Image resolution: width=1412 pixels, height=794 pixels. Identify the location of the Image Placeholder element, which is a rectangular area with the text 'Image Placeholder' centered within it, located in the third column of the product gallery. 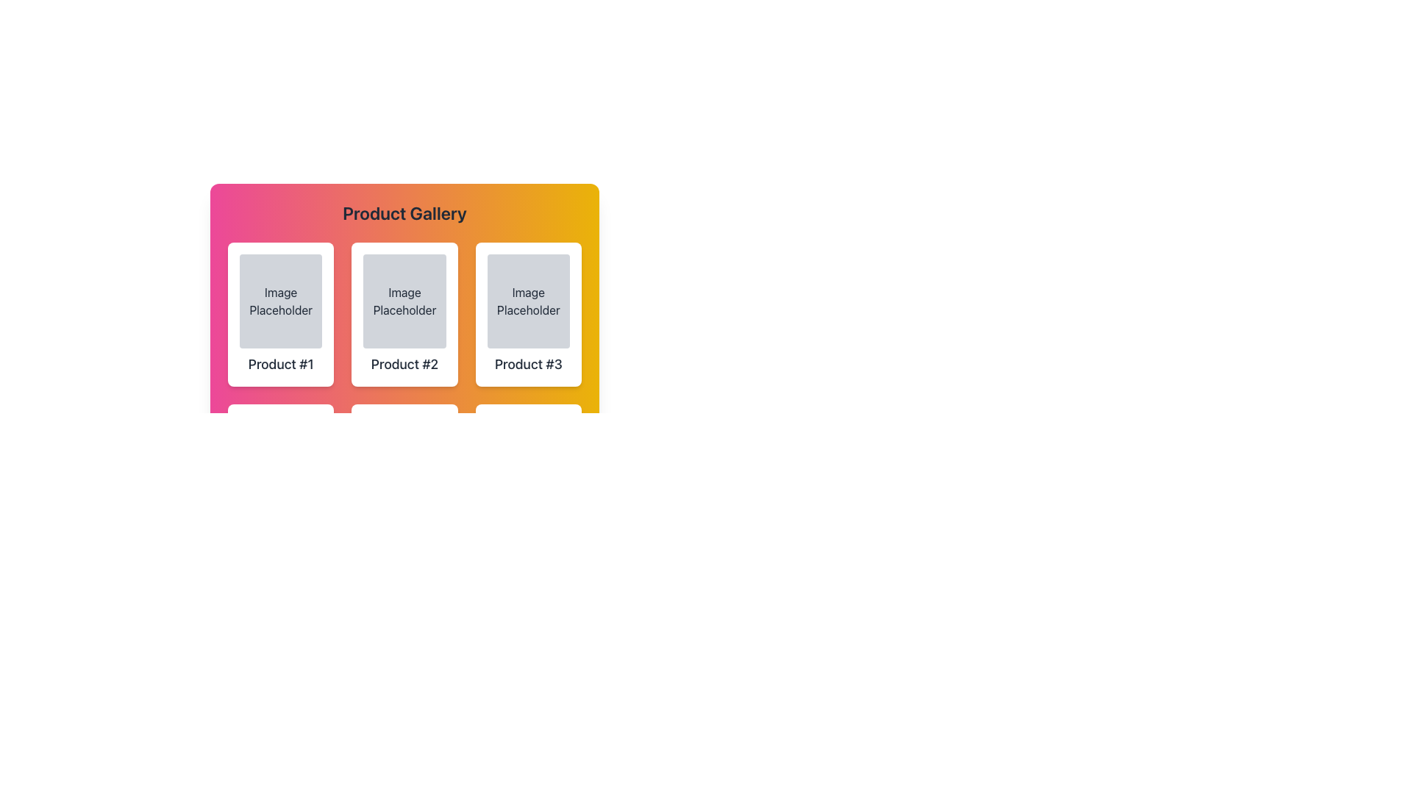
(528, 300).